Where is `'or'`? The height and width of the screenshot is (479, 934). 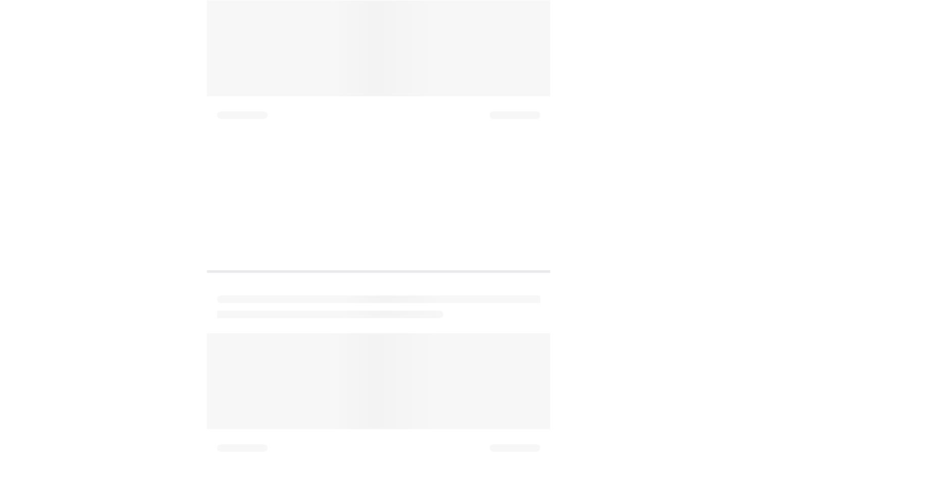
'or' is located at coordinates (410, 199).